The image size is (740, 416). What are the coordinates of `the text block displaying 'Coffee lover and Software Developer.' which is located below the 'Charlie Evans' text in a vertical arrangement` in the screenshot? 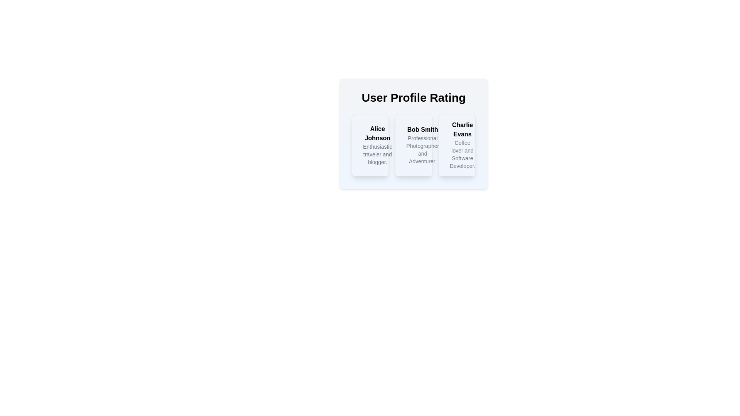 It's located at (462, 154).